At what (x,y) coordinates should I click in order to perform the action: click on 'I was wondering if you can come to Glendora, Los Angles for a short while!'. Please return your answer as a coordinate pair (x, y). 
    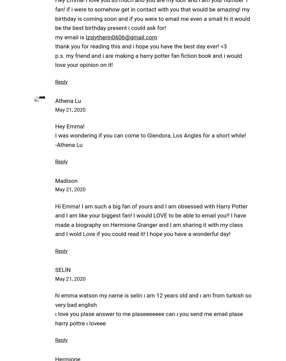
    Looking at the image, I should click on (150, 135).